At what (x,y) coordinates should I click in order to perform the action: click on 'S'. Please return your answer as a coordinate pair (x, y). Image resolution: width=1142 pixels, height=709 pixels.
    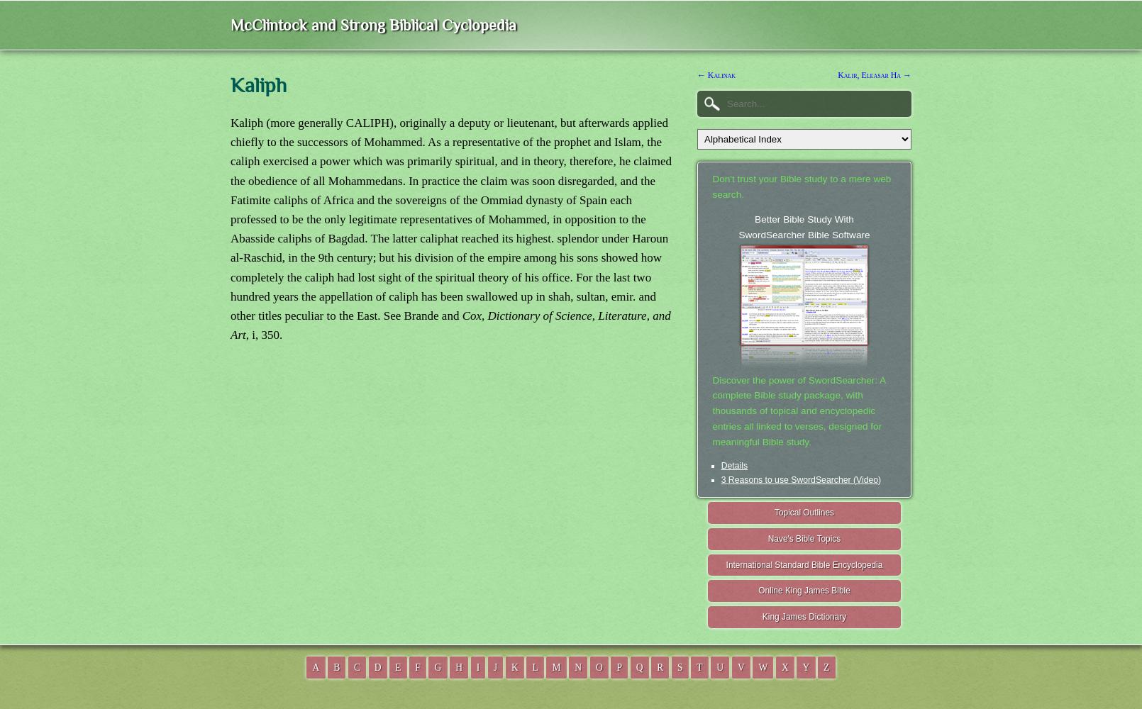
    Looking at the image, I should click on (680, 666).